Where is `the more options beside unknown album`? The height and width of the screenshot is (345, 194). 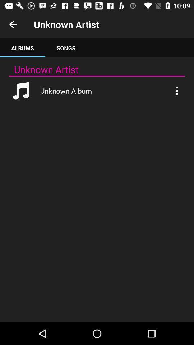 the more options beside unknown album is located at coordinates (176, 90).